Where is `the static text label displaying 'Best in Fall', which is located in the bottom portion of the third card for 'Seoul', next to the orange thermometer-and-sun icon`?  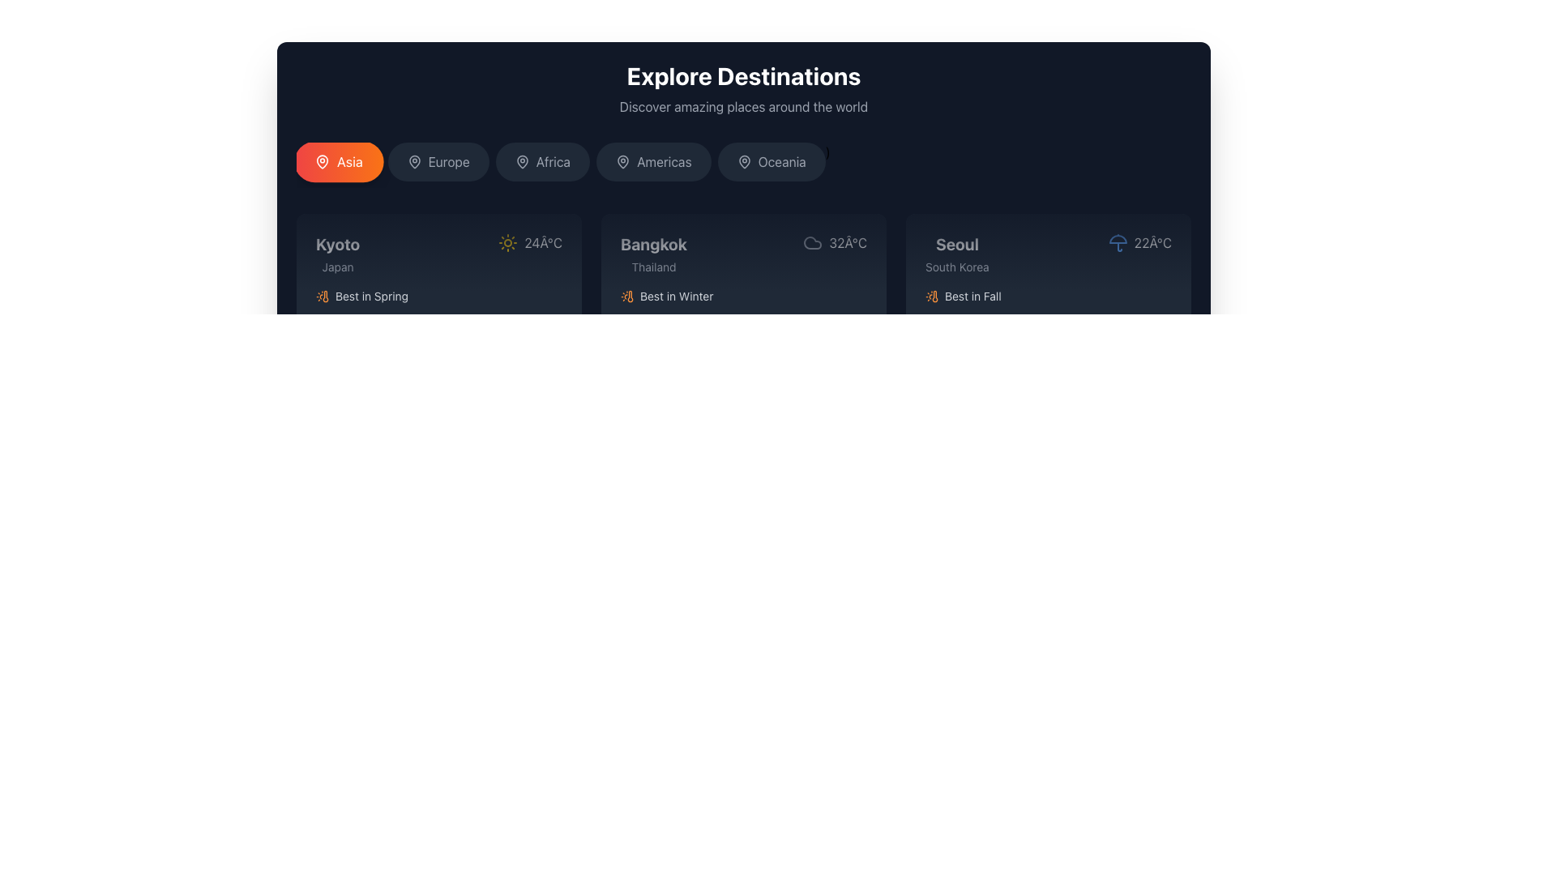 the static text label displaying 'Best in Fall', which is located in the bottom portion of the third card for 'Seoul', next to the orange thermometer-and-sun icon is located at coordinates (972, 297).